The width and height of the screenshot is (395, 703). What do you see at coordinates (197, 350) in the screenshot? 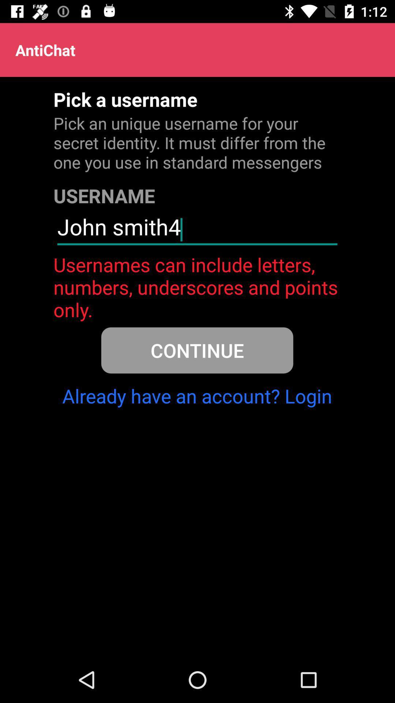
I see `continue icon` at bounding box center [197, 350].